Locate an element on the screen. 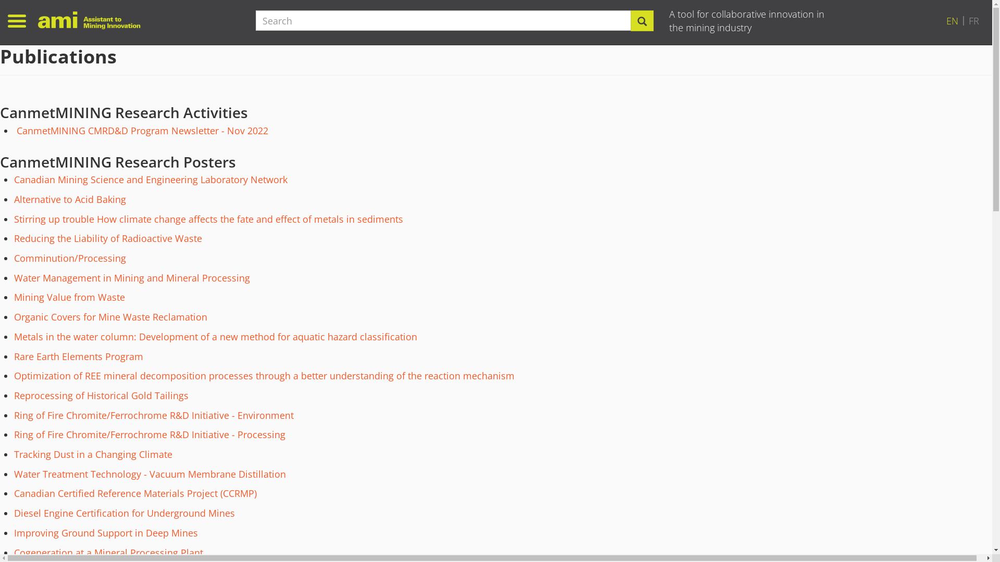 Image resolution: width=1000 pixels, height=562 pixels. 'Alternative to Acid Baking' is located at coordinates (69, 199).